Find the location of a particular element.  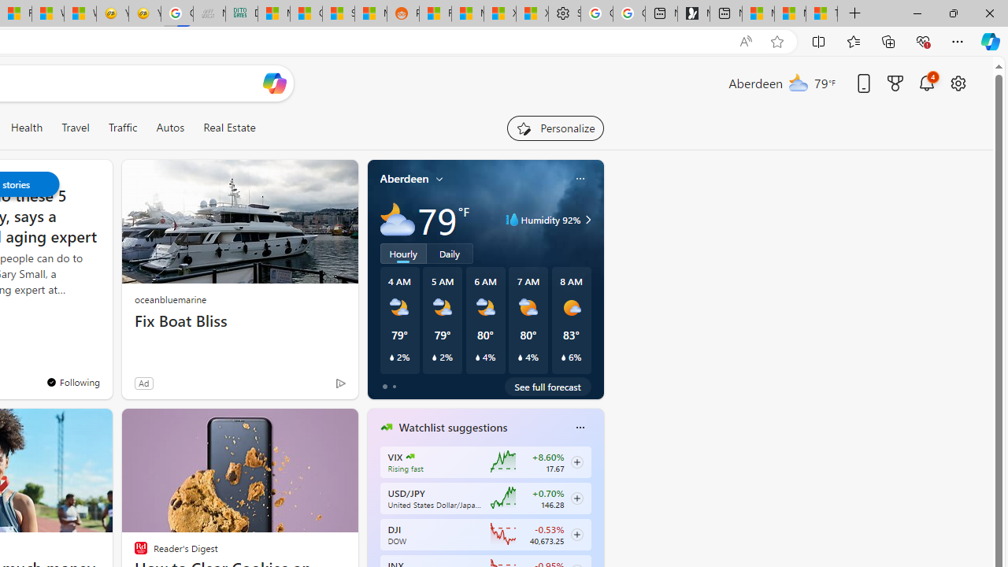

'oceanbluemarine' is located at coordinates (170, 299).